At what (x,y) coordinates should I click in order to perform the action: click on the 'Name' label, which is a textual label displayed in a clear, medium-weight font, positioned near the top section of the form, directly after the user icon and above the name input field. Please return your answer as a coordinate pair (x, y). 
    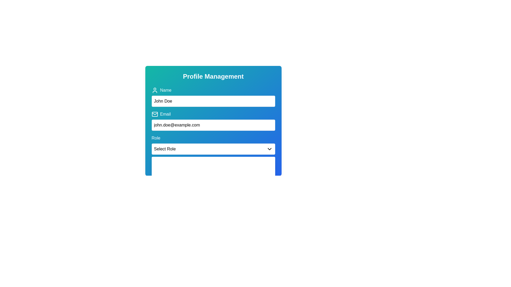
    Looking at the image, I should click on (165, 90).